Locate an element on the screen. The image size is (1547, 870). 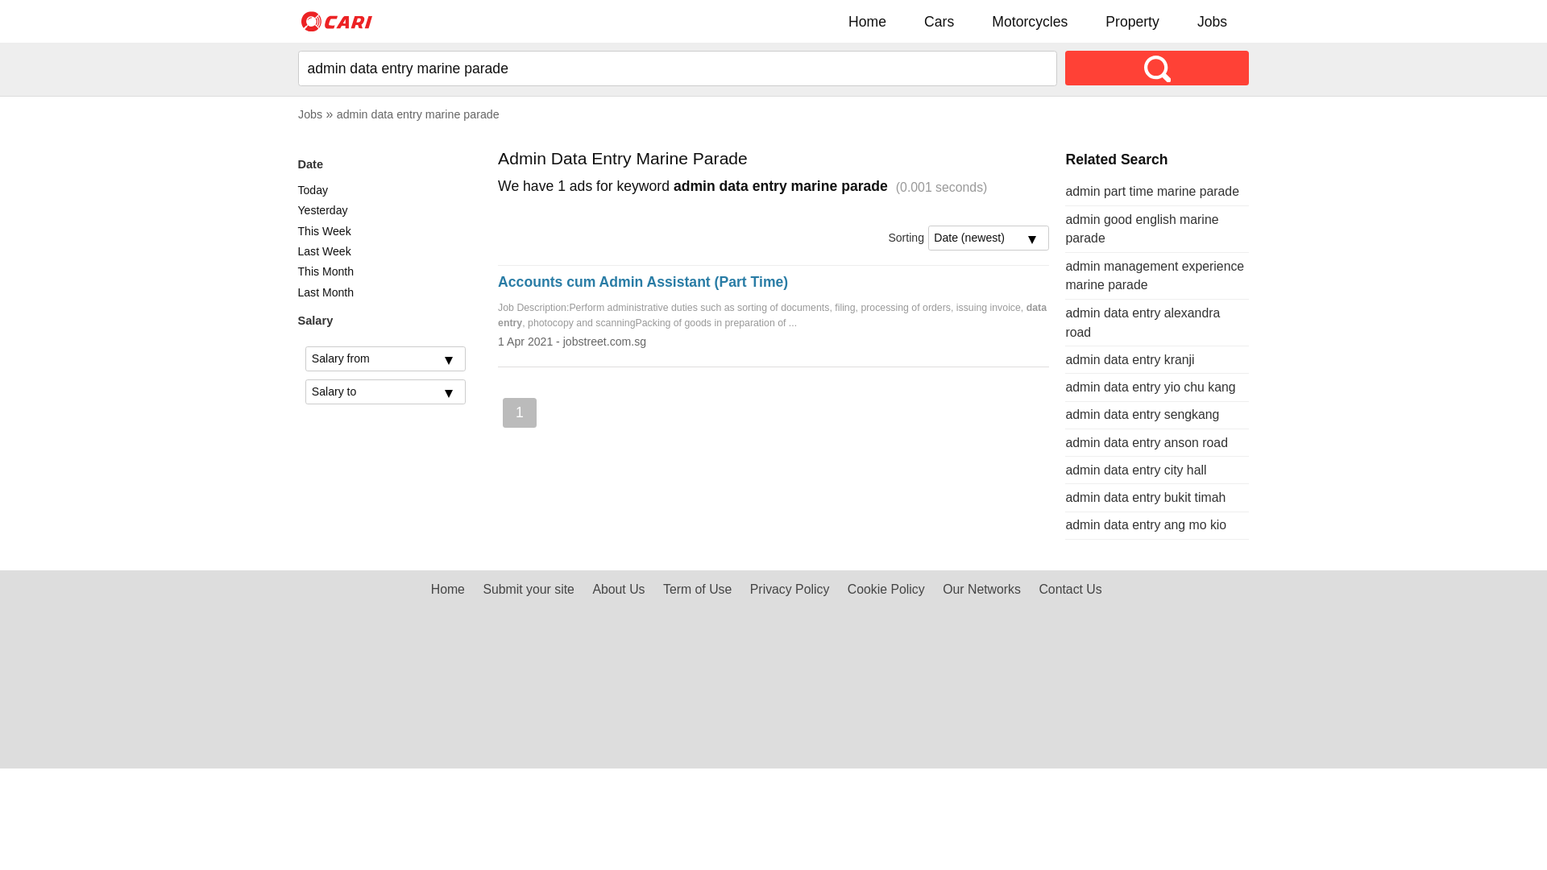
'admin data entry alexandra road' is located at coordinates (1141, 322).